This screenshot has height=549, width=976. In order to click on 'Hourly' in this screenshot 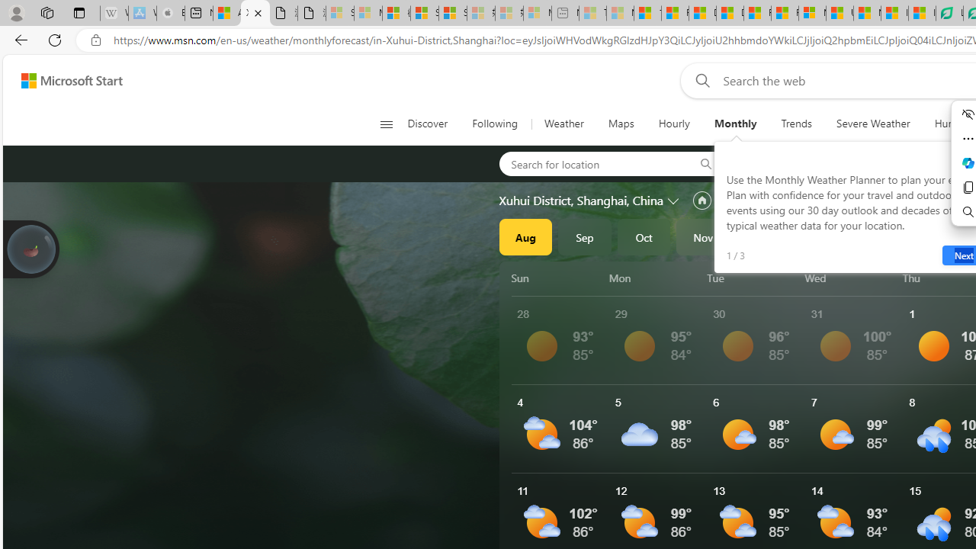, I will do `click(673, 124)`.